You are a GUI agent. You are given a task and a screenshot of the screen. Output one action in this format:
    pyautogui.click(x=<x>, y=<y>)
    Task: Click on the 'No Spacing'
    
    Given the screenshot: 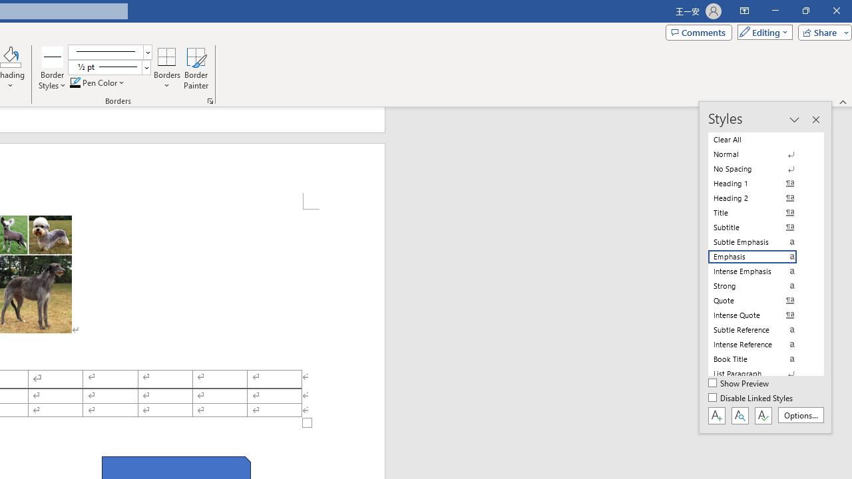 What is the action you would take?
    pyautogui.click(x=760, y=168)
    